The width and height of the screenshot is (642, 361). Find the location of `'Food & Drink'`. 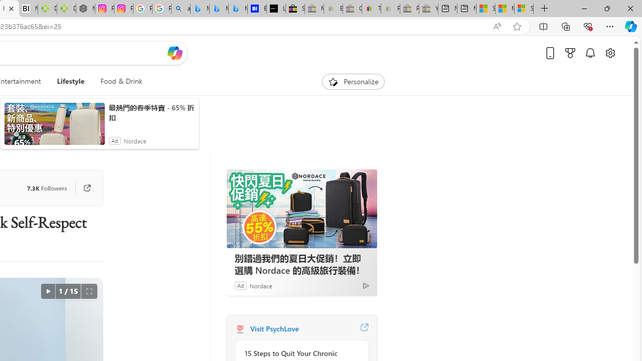

'Food & Drink' is located at coordinates (117, 81).